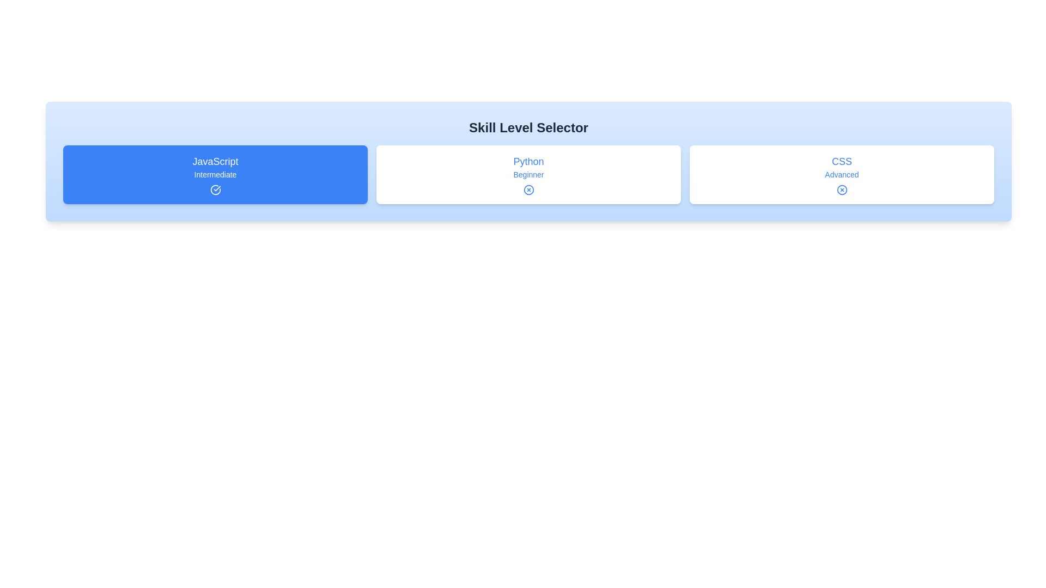 This screenshot has height=588, width=1046. I want to click on the skill chip labeled 'Python' by clicking on it, so click(528, 174).